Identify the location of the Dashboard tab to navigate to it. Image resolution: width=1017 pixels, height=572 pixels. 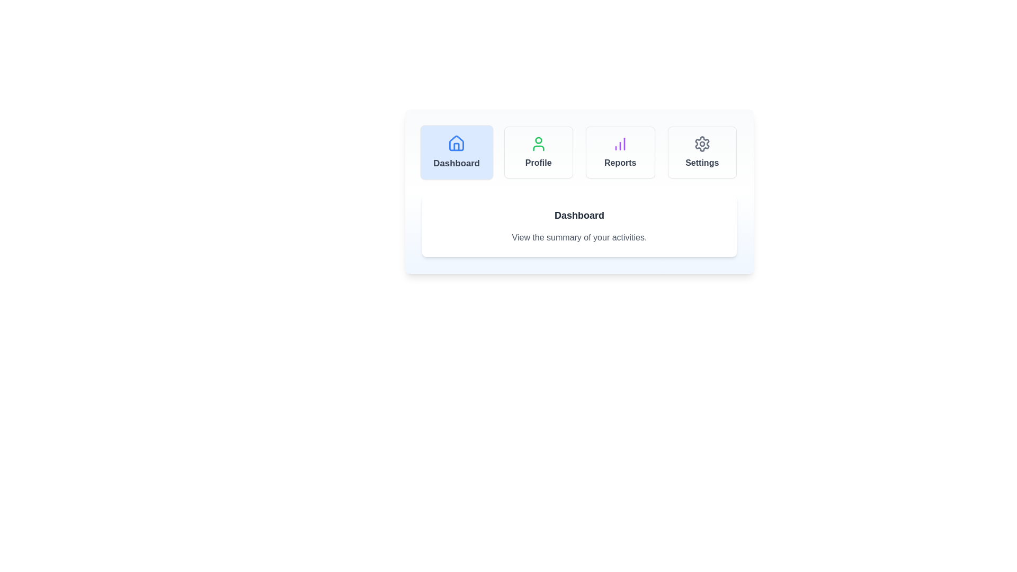
(457, 153).